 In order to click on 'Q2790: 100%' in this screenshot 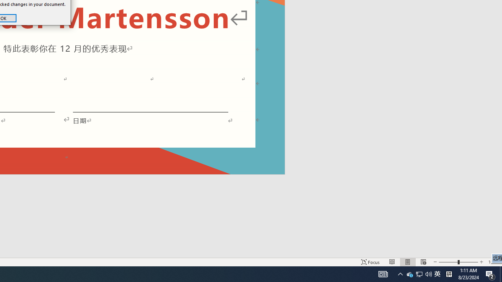, I will do `click(383, 273)`.